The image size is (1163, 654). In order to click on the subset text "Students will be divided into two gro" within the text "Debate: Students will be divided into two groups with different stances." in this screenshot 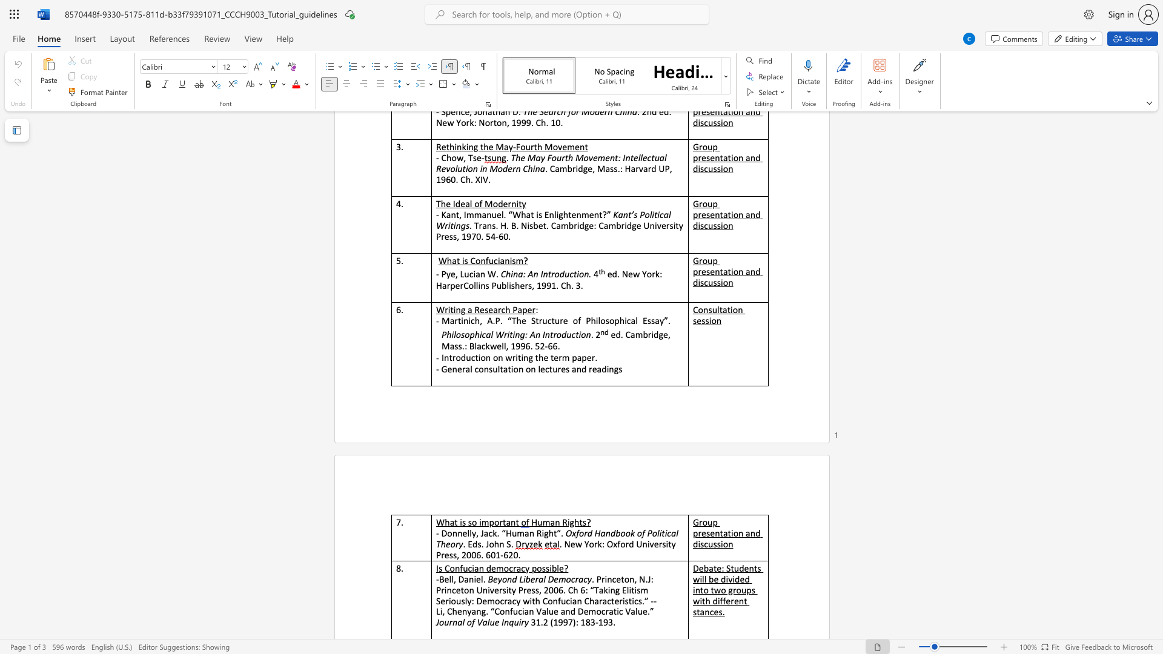, I will do `click(726, 568)`.